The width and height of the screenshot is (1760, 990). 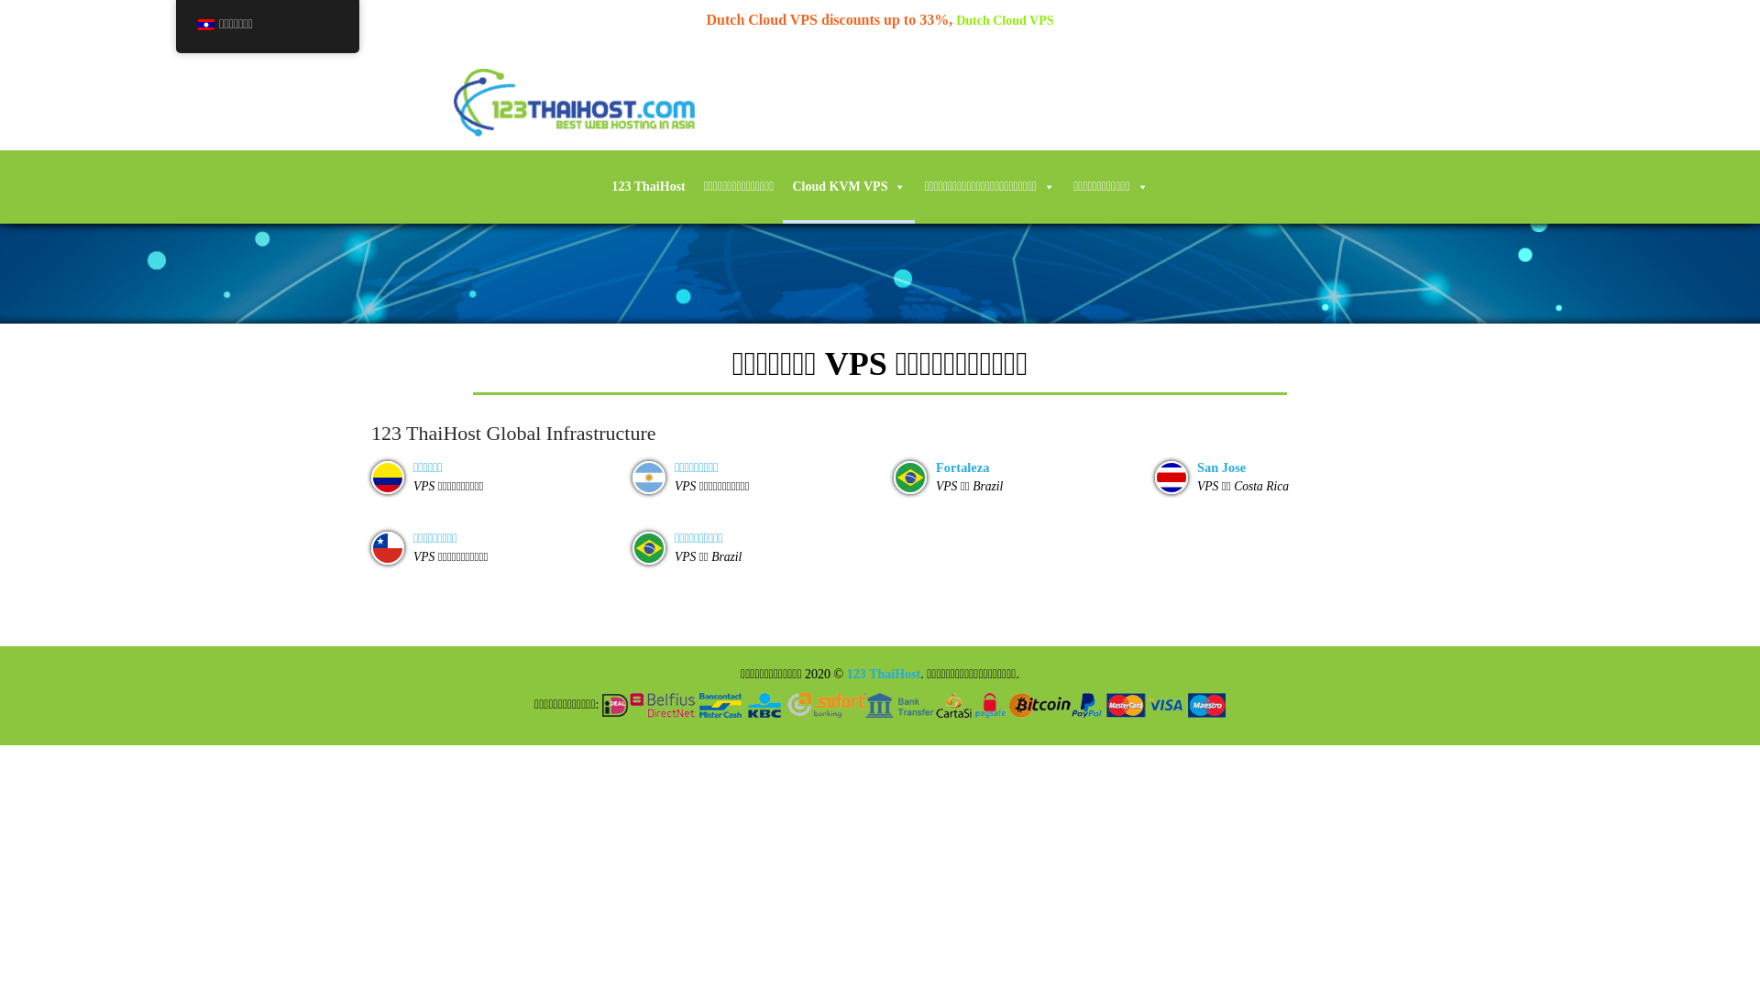 I want to click on 'Cloud KVM VPS', so click(x=848, y=187).